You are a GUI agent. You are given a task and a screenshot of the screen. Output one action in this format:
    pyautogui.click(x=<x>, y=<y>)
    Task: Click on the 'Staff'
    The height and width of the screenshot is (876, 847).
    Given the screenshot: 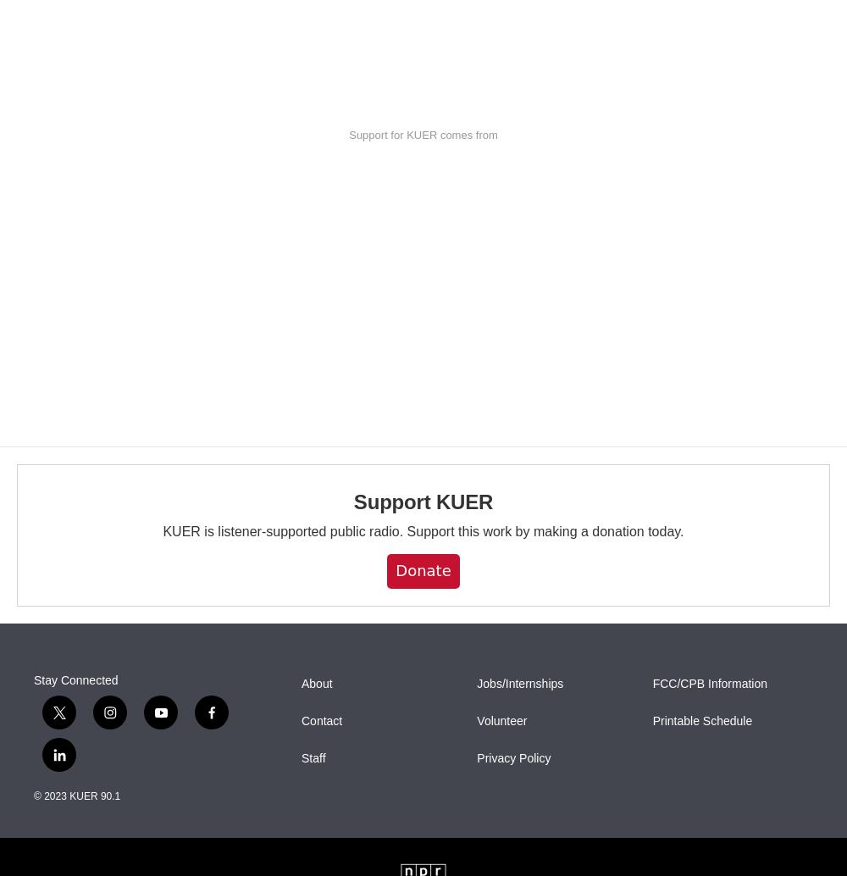 What is the action you would take?
    pyautogui.click(x=301, y=756)
    